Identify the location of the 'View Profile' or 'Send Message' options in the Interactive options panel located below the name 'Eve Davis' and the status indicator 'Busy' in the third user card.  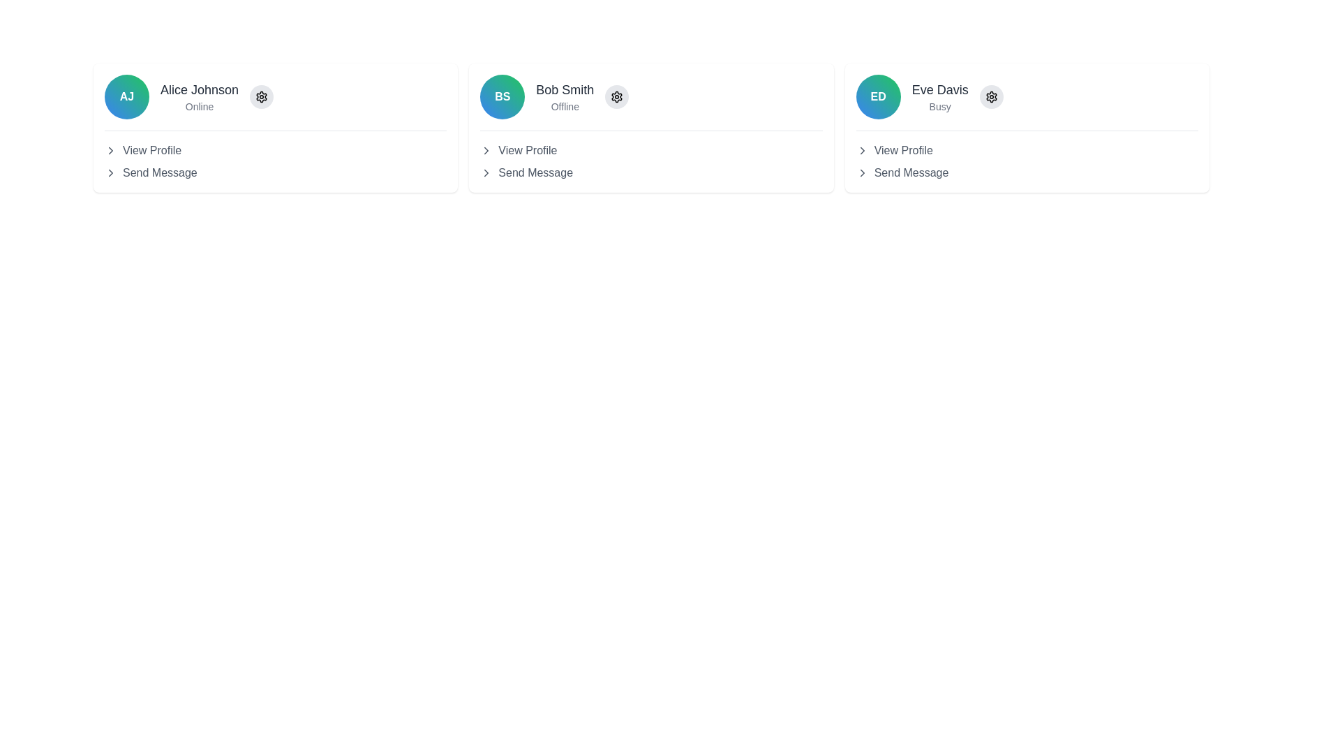
(1027, 161).